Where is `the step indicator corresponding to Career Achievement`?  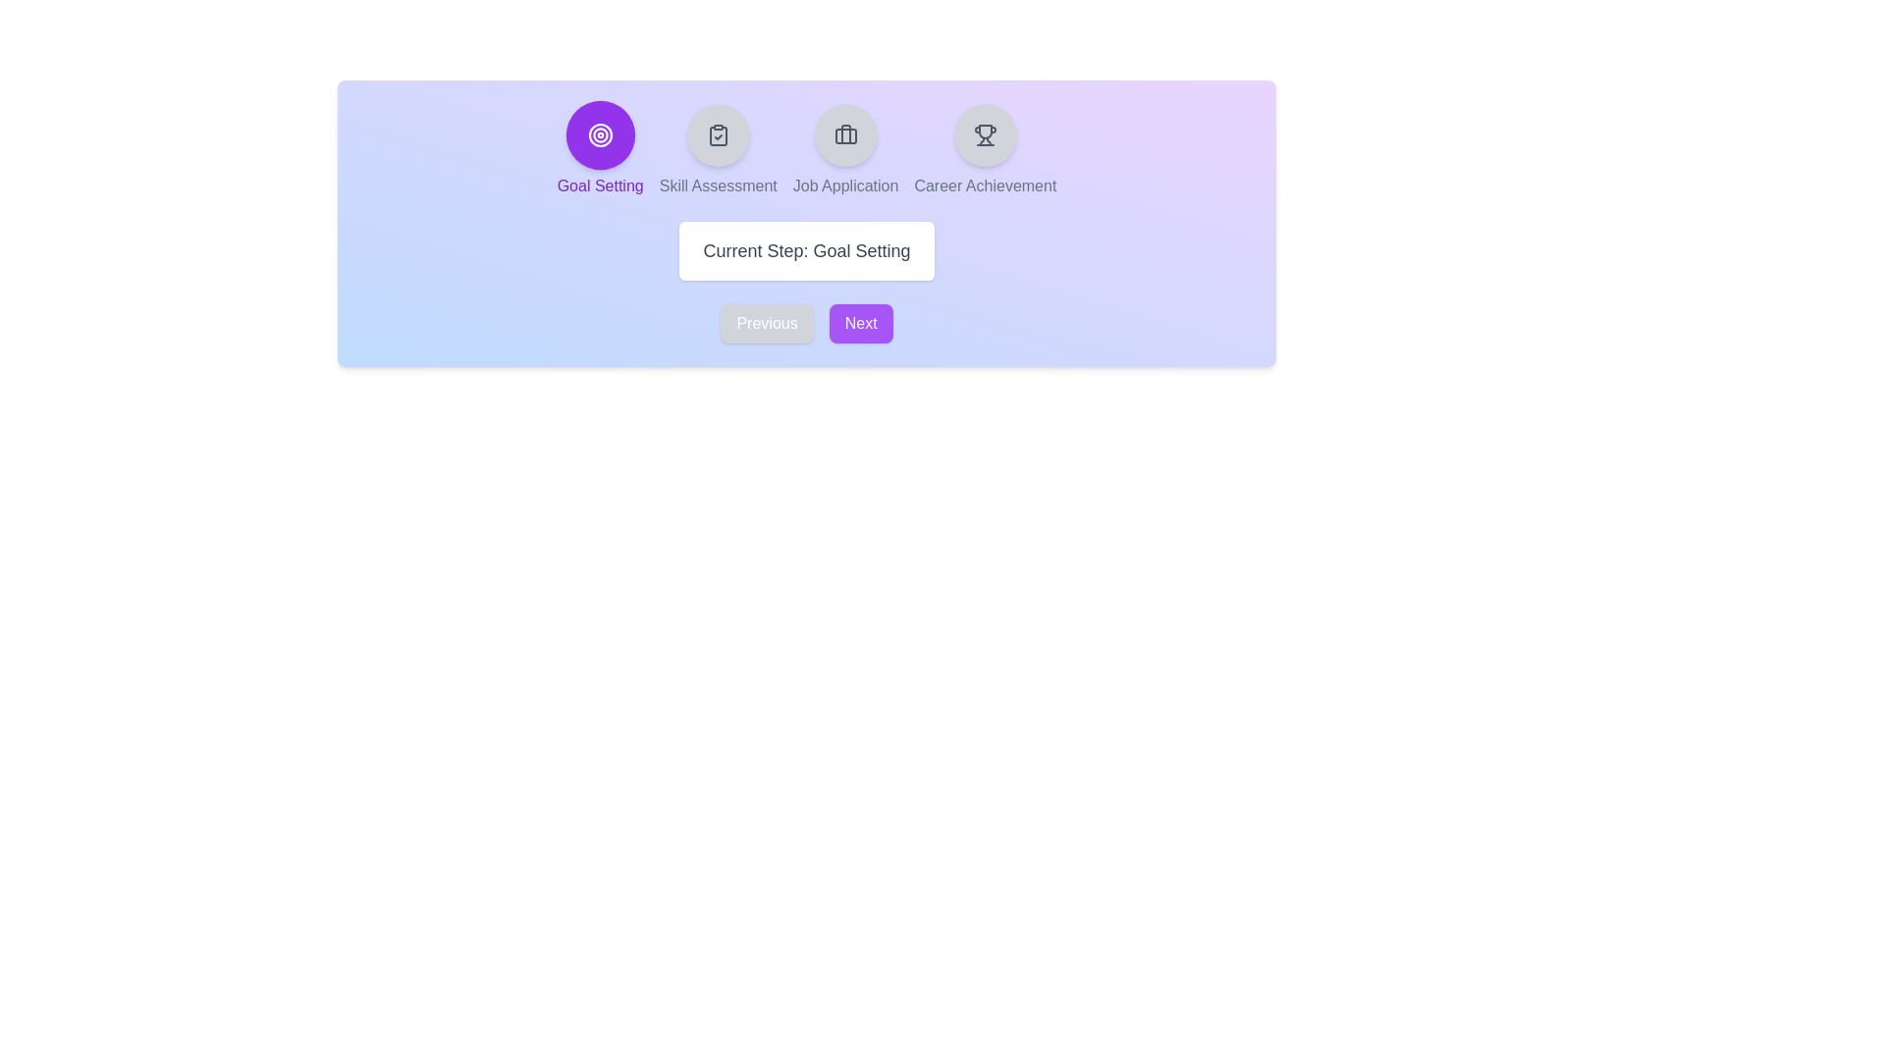
the step indicator corresponding to Career Achievement is located at coordinates (985, 134).